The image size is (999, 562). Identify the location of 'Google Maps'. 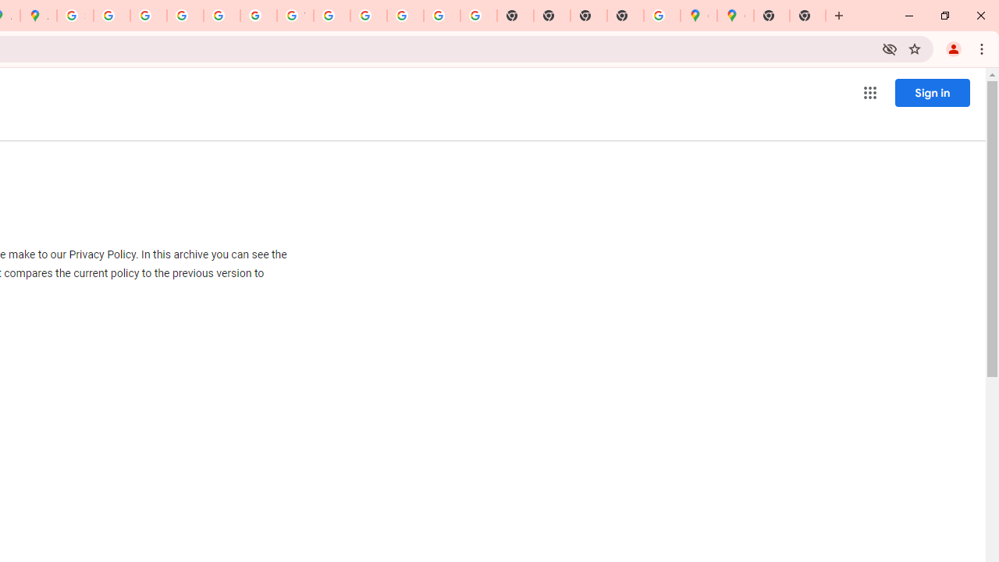
(734, 16).